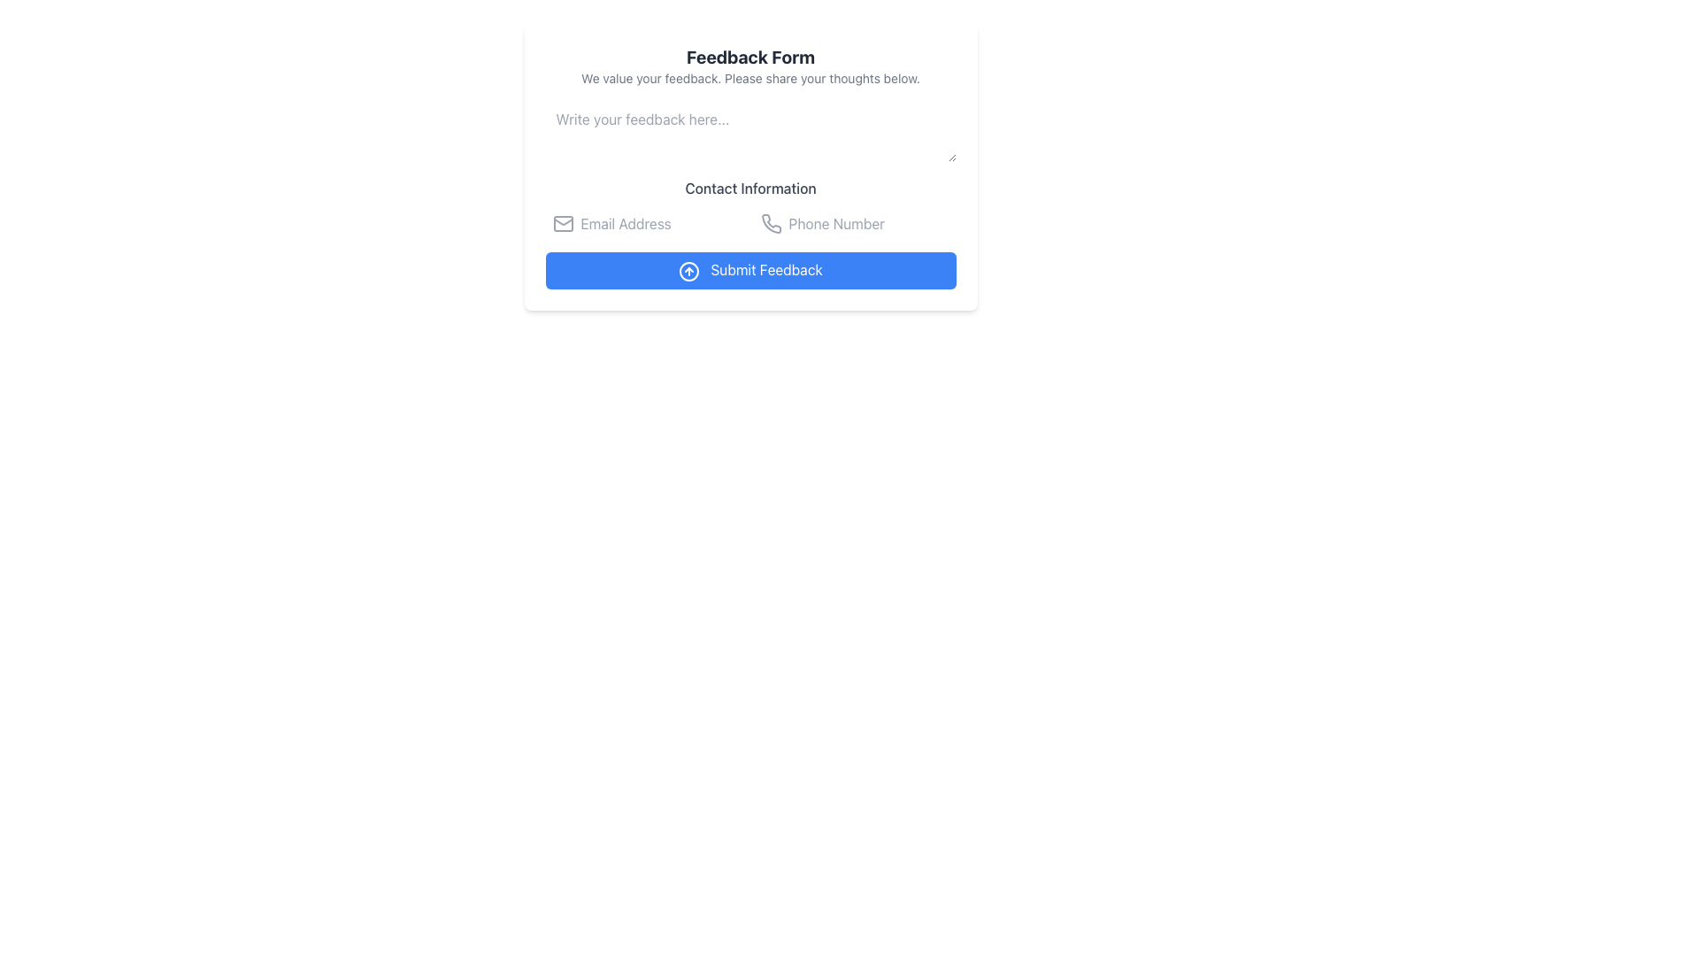 The image size is (1699, 956). I want to click on the blue 'Submit Feedback' button with white text and an upward arrow icon, so click(750, 270).